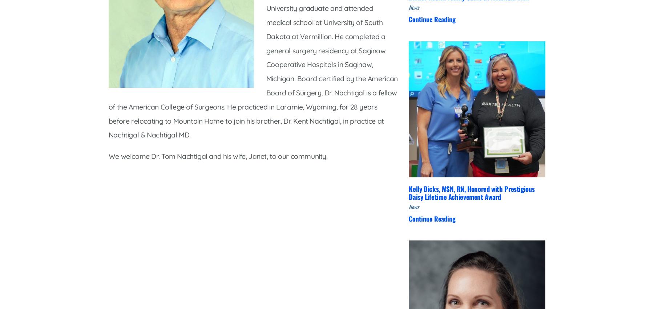 This screenshot has width=654, height=309. I want to click on 'Board Portal', so click(277, 228).